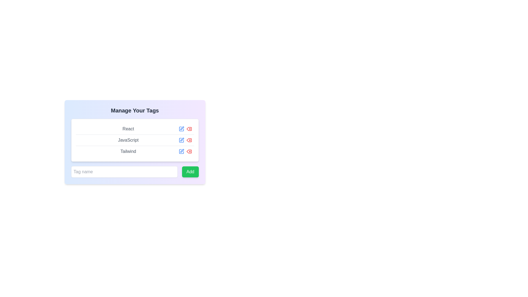 This screenshot has height=297, width=528. I want to click on the red eye-cross icon in the Composite component, so click(185, 140).